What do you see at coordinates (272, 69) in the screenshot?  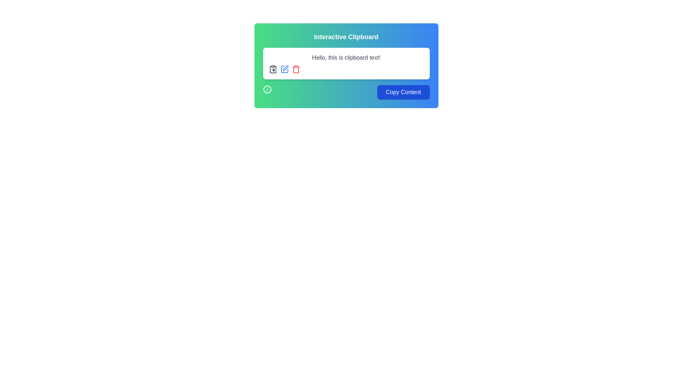 I see `the circular clipboard icon located at the upper-left corner of the content box titled 'Interactive Clipboard'` at bounding box center [272, 69].